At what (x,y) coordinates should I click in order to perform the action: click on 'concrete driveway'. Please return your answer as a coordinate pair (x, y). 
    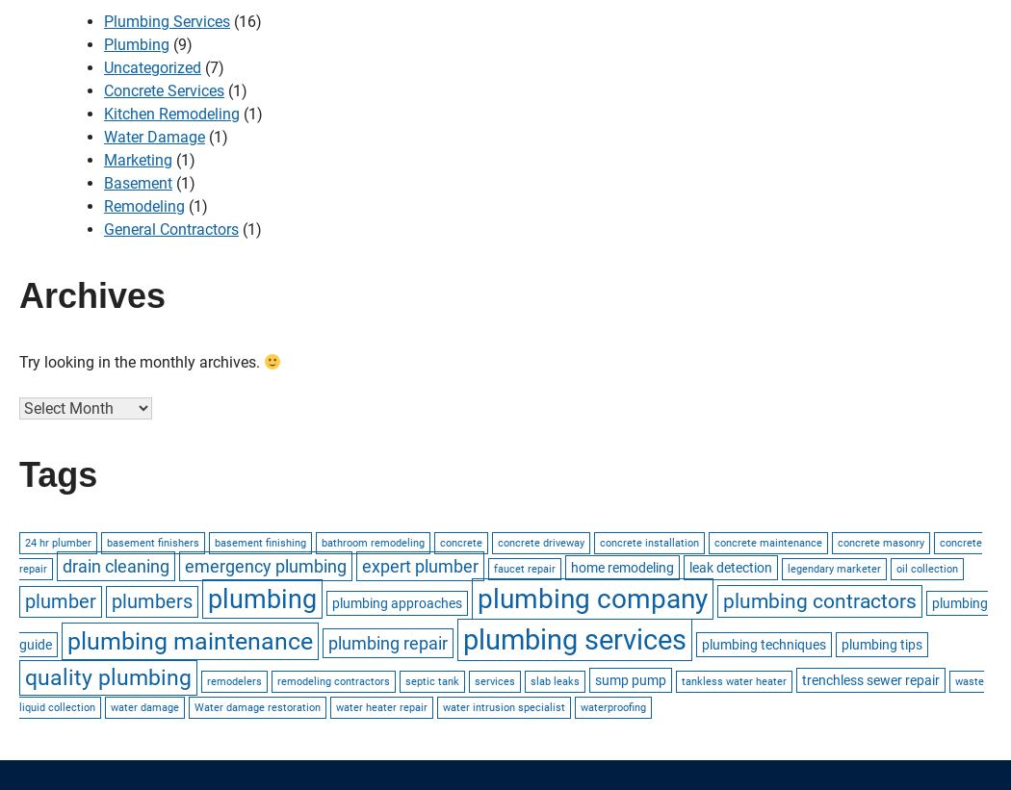
    Looking at the image, I should click on (540, 541).